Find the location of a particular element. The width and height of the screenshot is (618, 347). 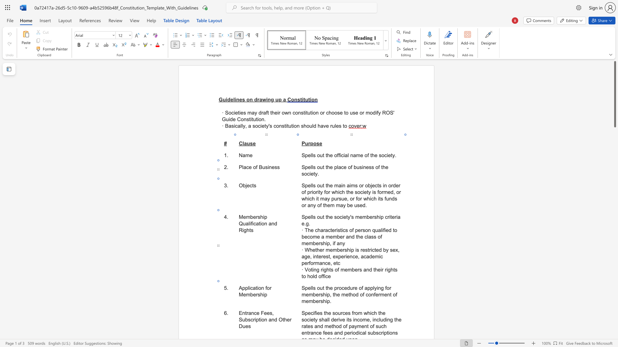

the 1th character "c" in the text is located at coordinates (251, 288).